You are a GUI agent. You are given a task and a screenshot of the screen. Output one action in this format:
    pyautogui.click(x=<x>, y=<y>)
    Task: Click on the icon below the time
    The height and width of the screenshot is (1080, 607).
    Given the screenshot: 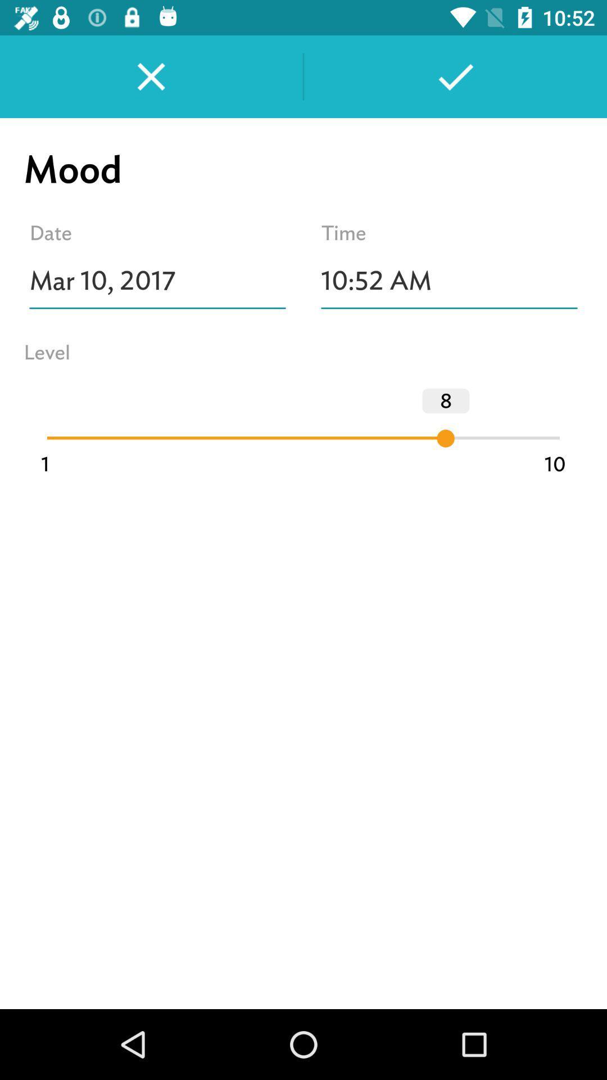 What is the action you would take?
    pyautogui.click(x=449, y=281)
    